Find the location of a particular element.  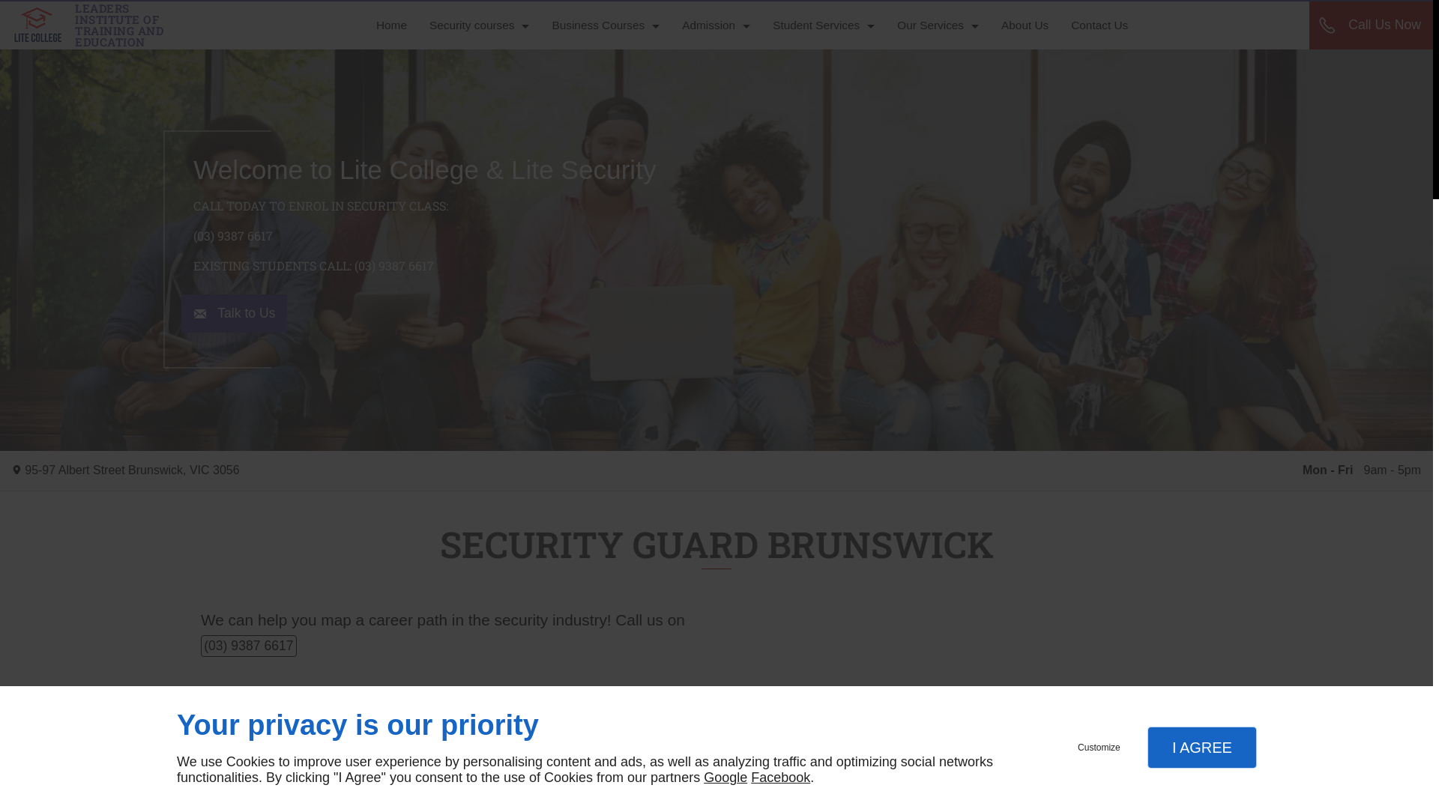

'Business Courses' is located at coordinates (605, 25).